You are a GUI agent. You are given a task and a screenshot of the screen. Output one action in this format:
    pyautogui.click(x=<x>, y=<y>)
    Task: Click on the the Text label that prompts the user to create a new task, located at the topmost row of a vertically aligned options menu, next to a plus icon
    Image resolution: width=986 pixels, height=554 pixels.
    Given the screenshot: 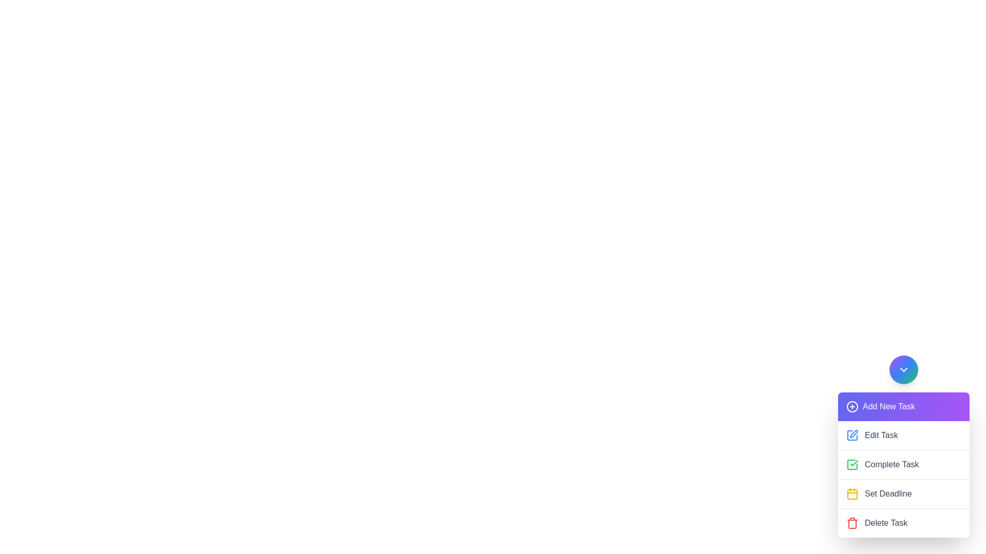 What is the action you would take?
    pyautogui.click(x=888, y=406)
    